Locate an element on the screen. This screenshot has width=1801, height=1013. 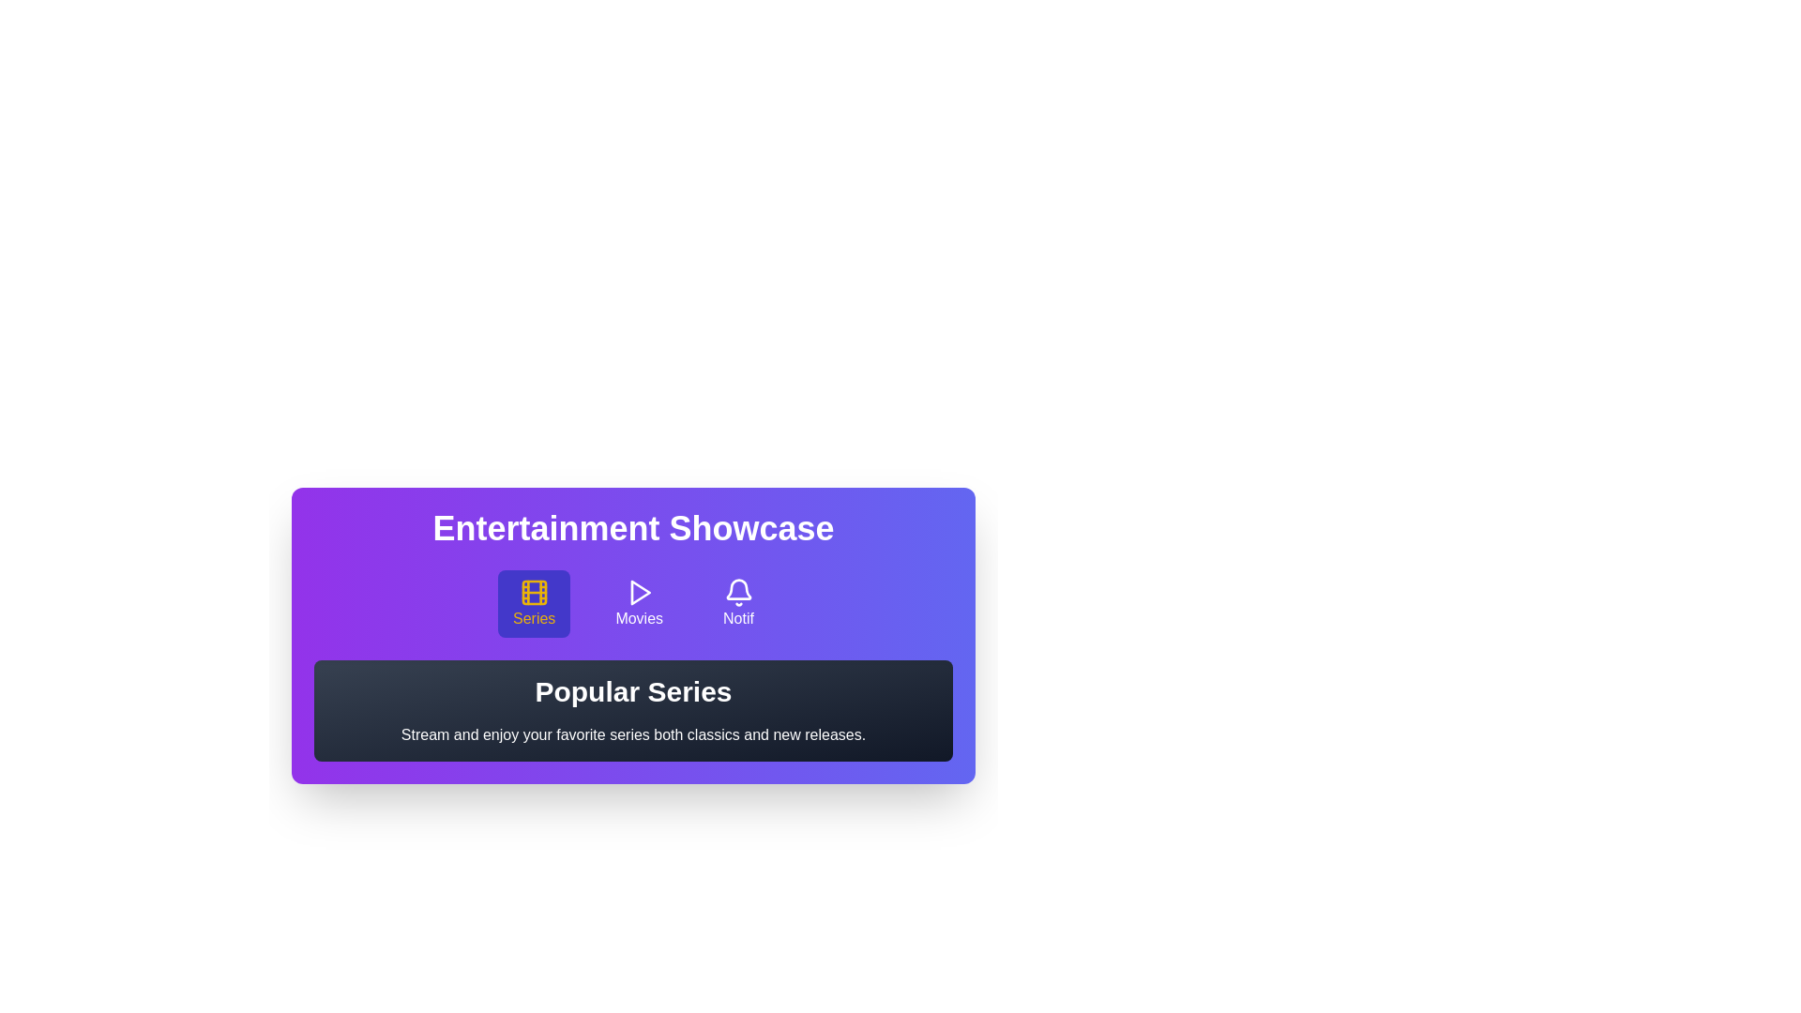
text content of the 'Popular Series' text block, which is styled with a gradient background, rounded corners, and contains the title in bold white text is located at coordinates (633, 711).